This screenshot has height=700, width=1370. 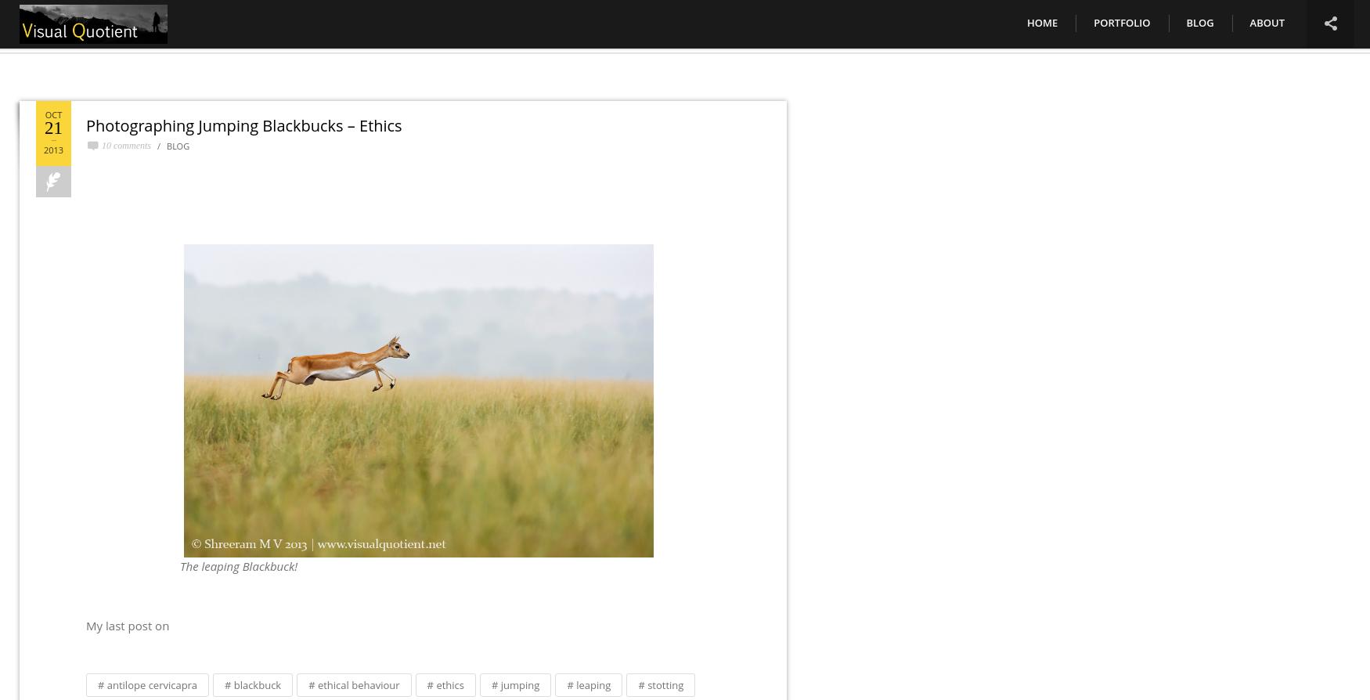 I want to click on '10 comments', so click(x=125, y=146).